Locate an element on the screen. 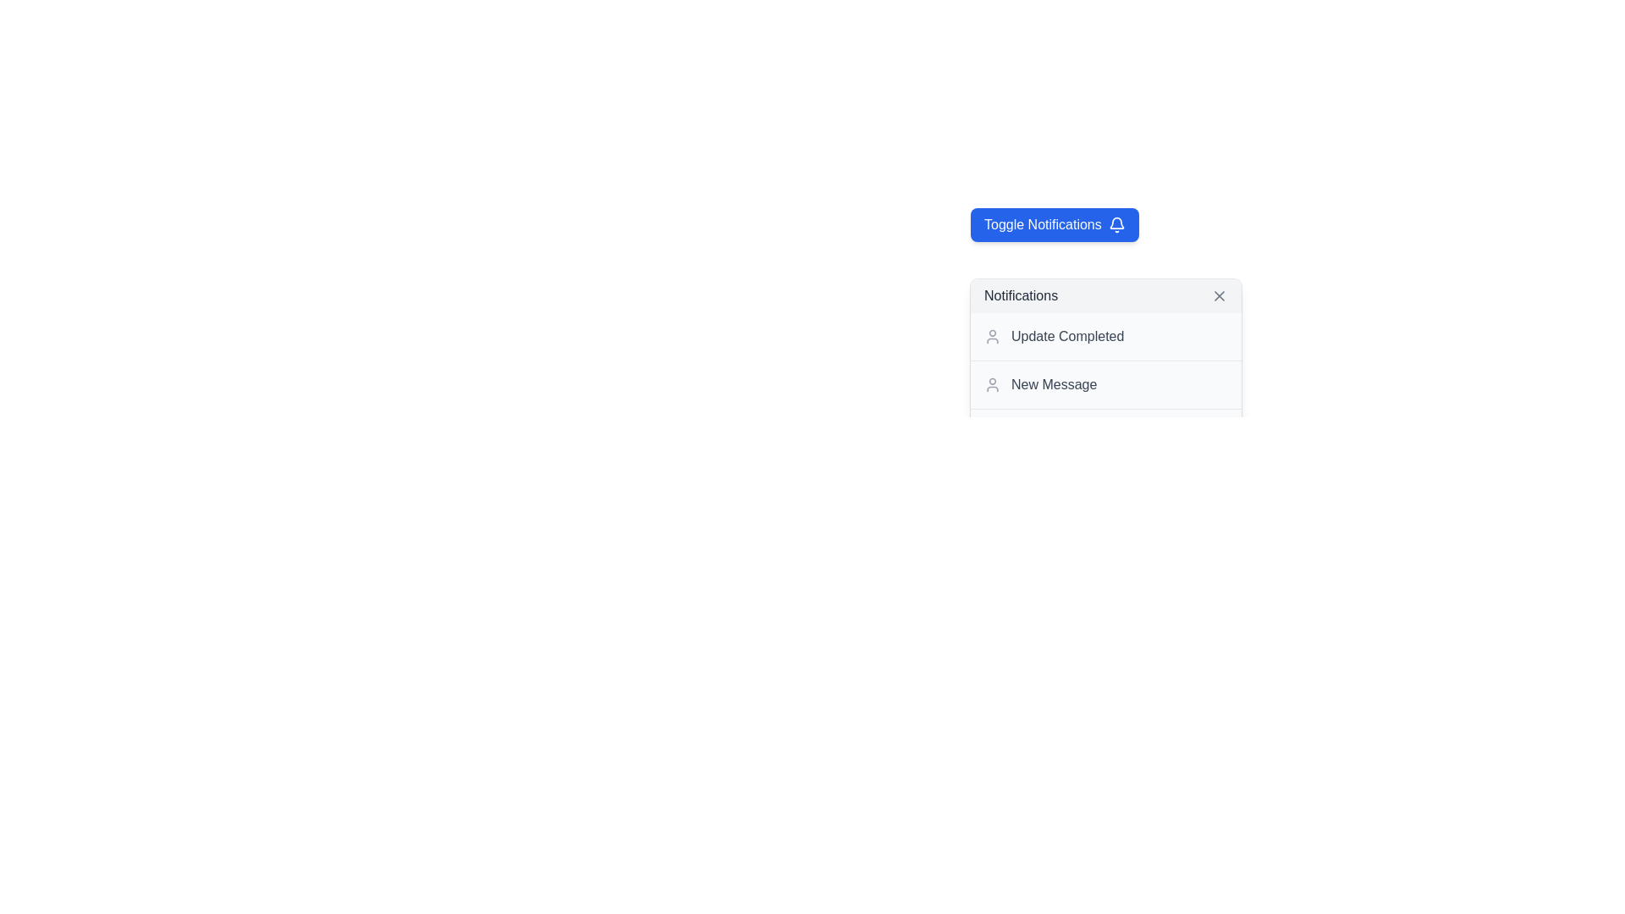 Image resolution: width=1625 pixels, height=914 pixels. the first notification entry in the notification panel, which serves as an informative text-based list item with an icon is located at coordinates (1105, 336).